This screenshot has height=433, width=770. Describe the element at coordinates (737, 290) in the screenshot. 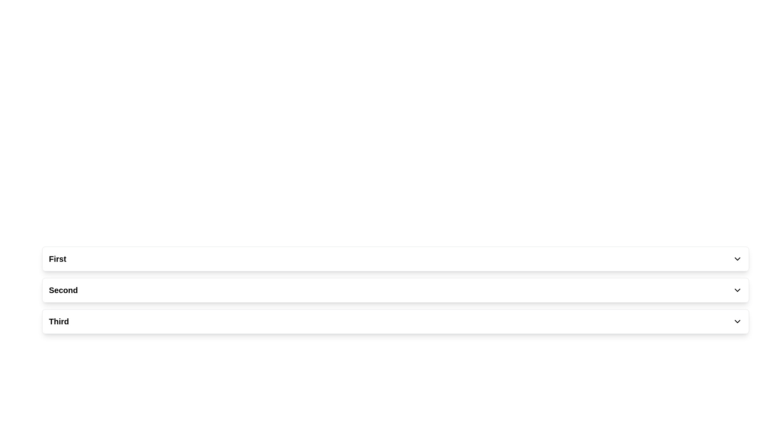

I see `the downward-pointing chevron icon located on the right side of the row labeled 'Second'` at that location.